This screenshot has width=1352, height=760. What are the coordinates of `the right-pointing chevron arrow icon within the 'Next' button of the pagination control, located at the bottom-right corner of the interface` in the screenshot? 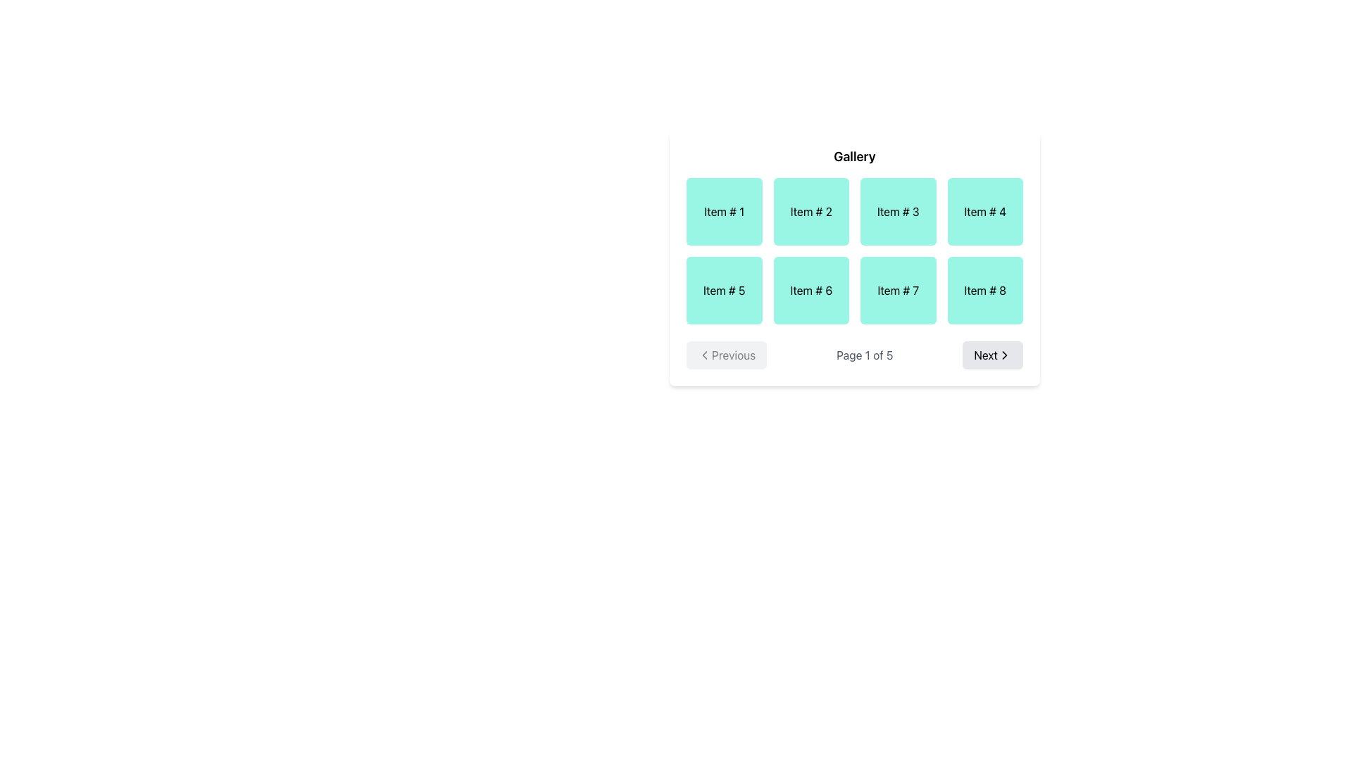 It's located at (1003, 355).